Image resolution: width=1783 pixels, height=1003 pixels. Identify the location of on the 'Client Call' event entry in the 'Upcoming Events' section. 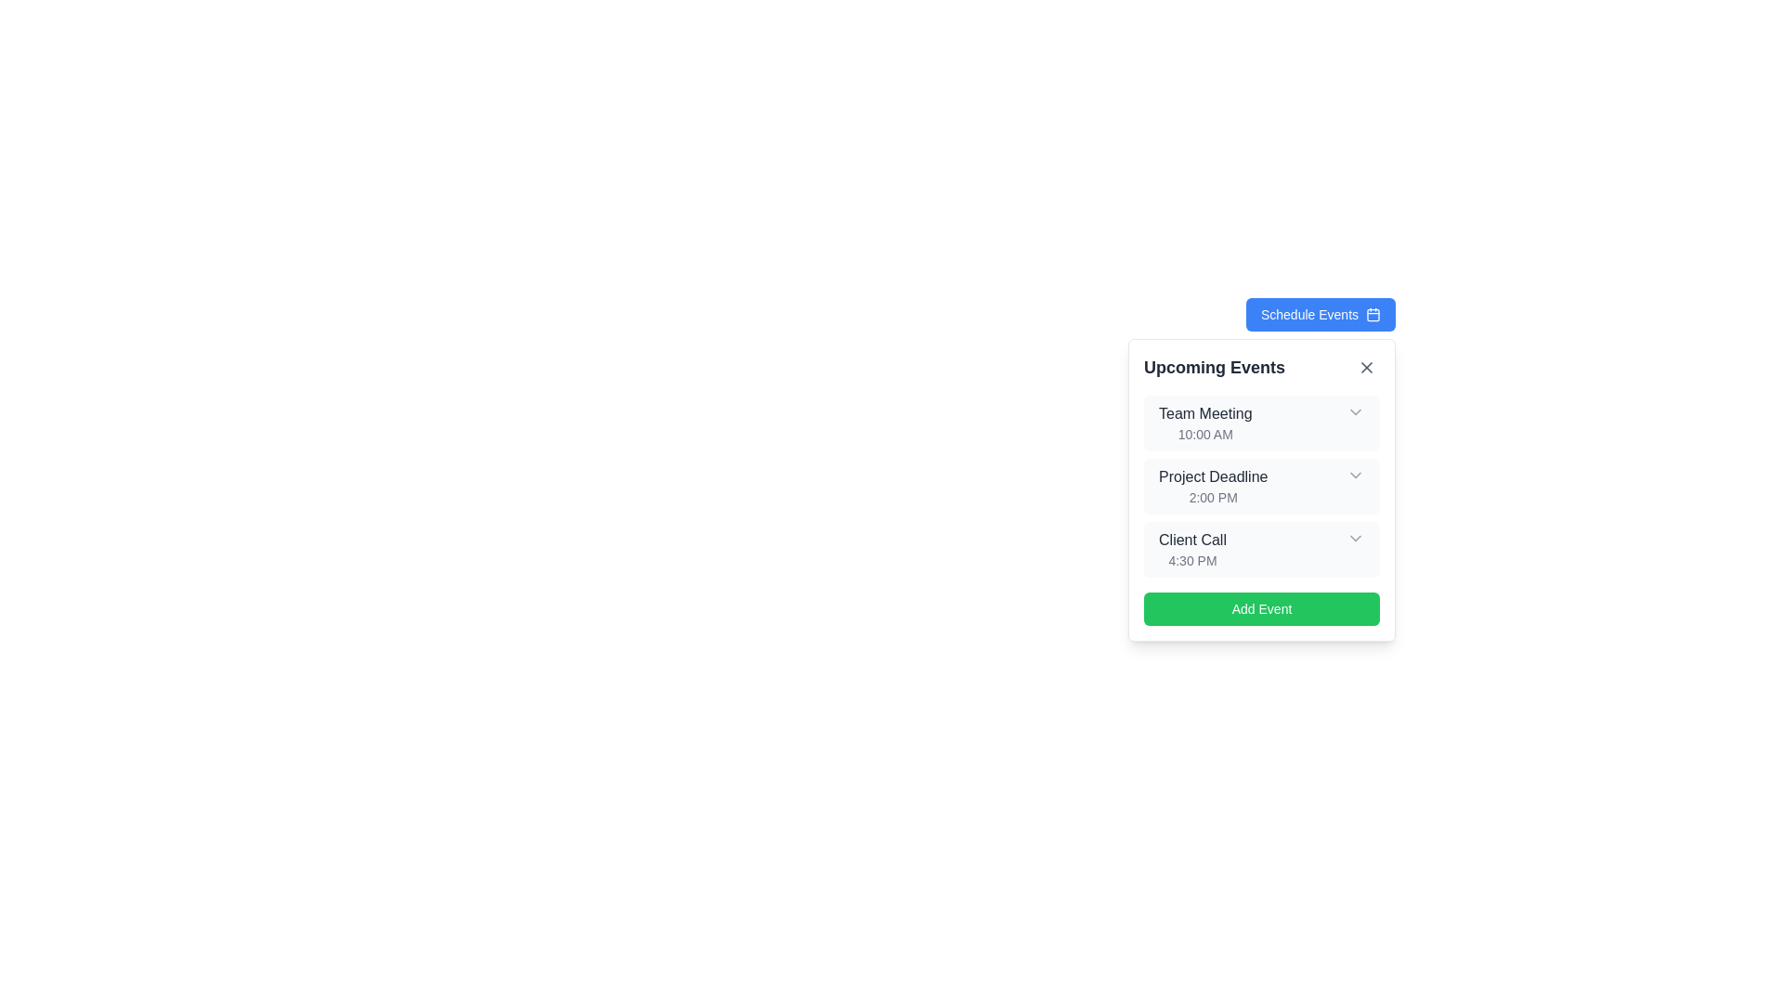
(1191, 548).